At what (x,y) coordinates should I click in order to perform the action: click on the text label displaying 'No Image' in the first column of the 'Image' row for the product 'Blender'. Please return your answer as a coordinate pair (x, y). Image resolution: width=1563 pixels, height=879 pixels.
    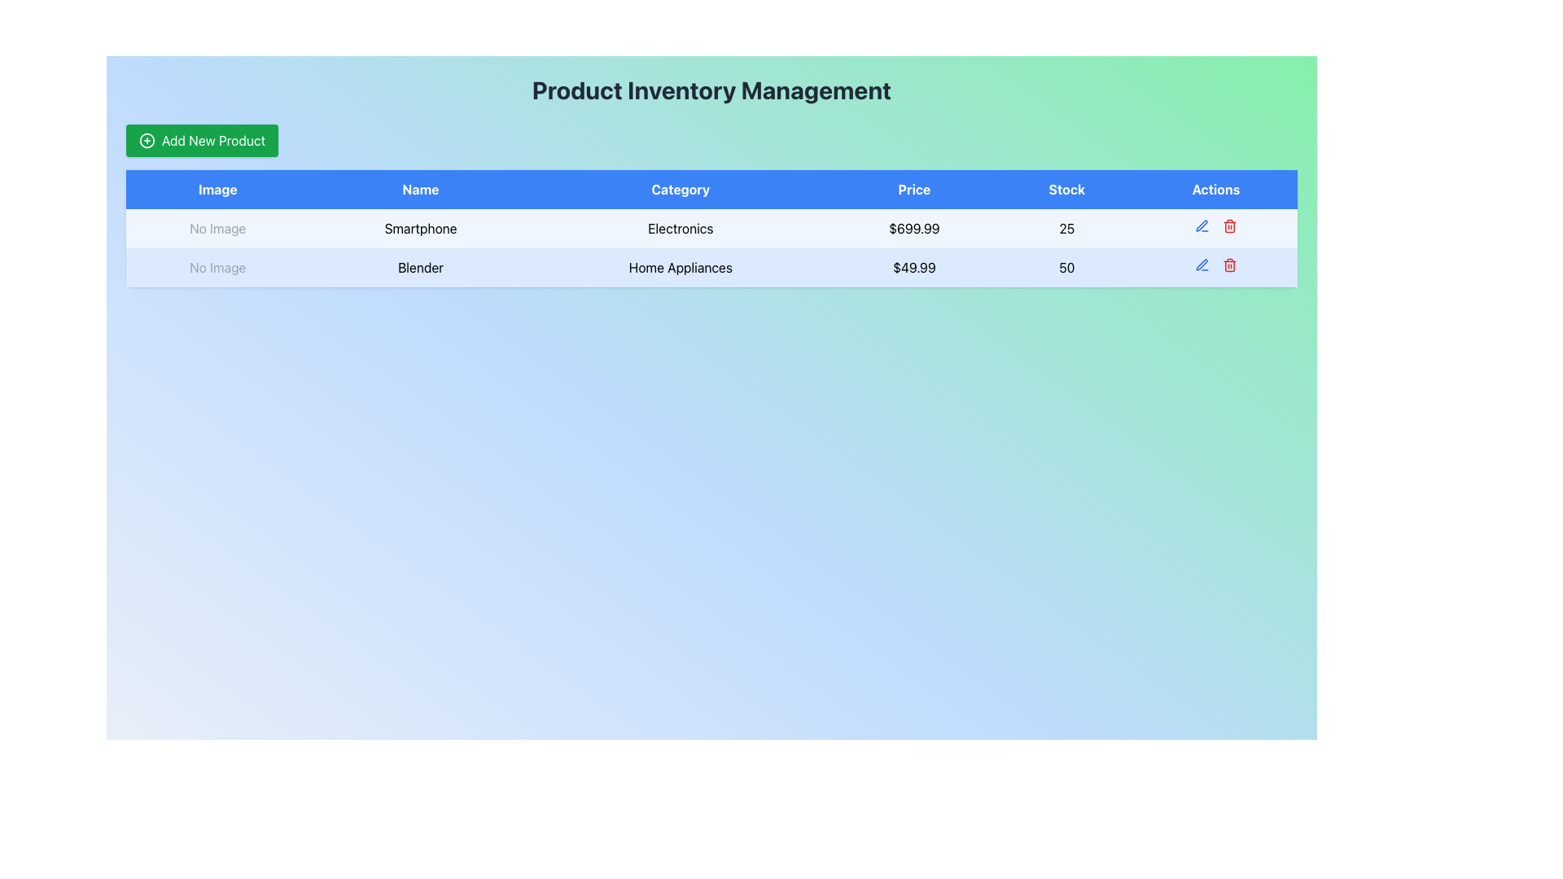
    Looking at the image, I should click on (217, 266).